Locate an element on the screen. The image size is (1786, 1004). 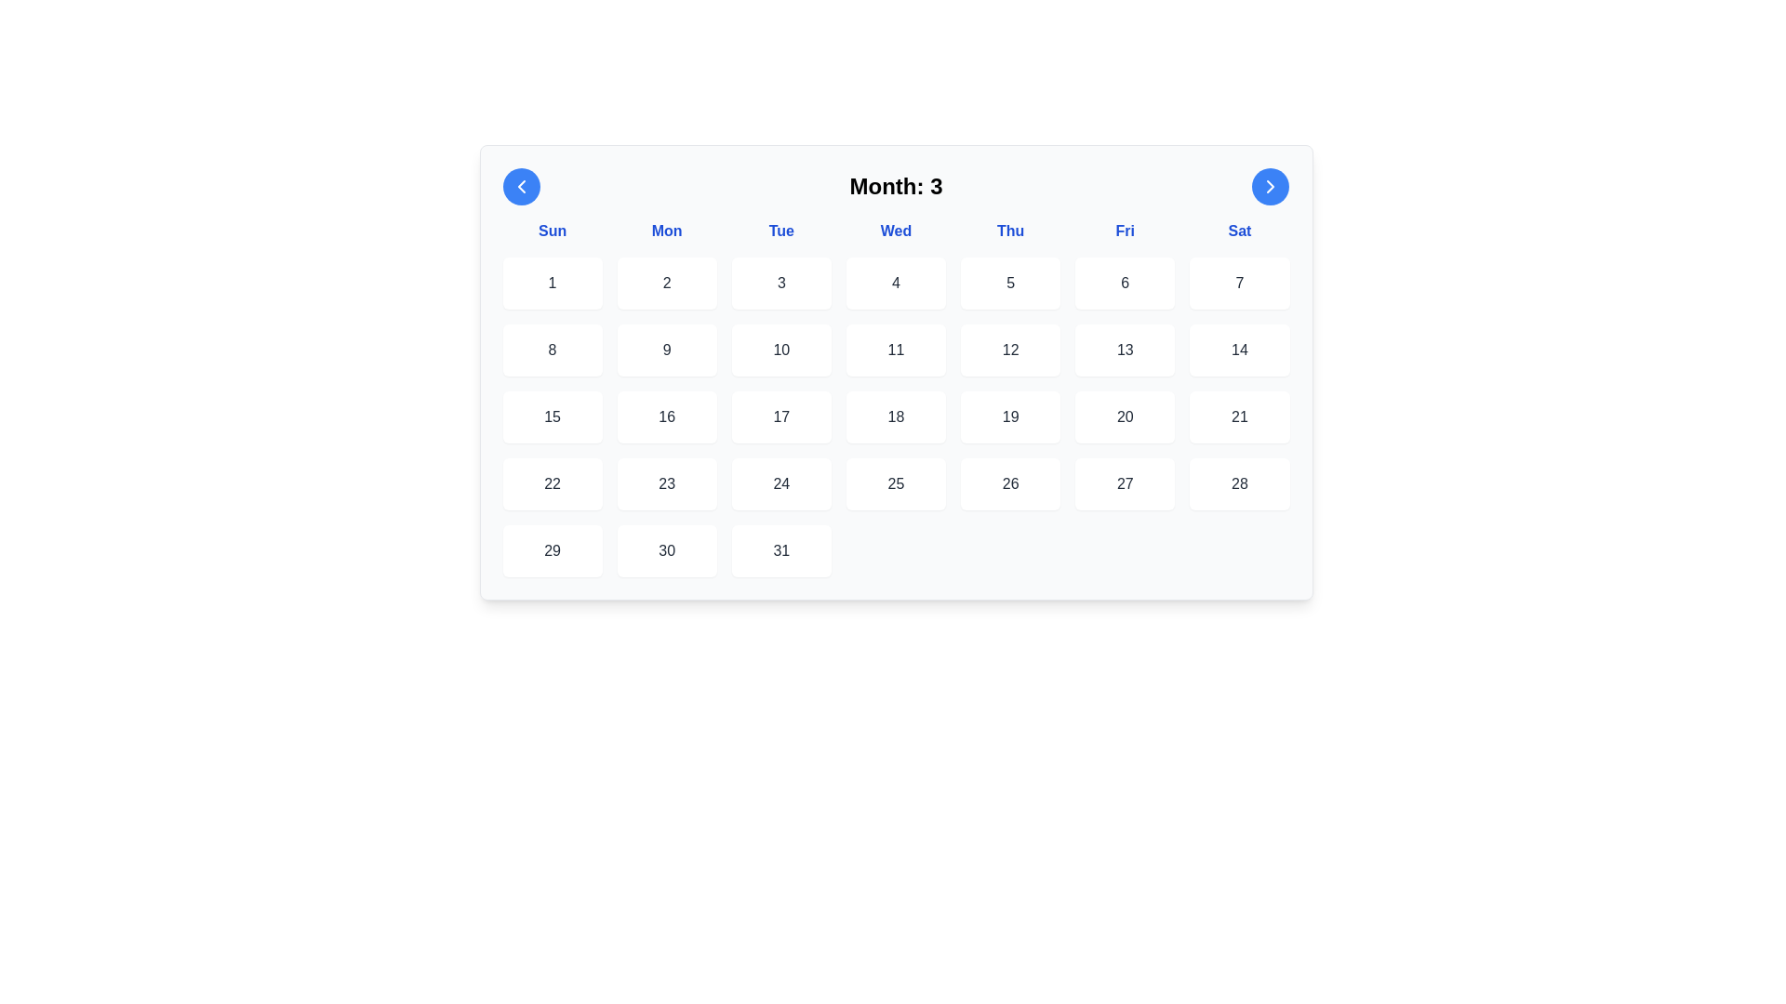
the bold, blue text label that reads 'Thu', which is located in the fifth column of the grid representing days of the week, positioned under the header 'Month: 3' is located at coordinates (1009, 231).